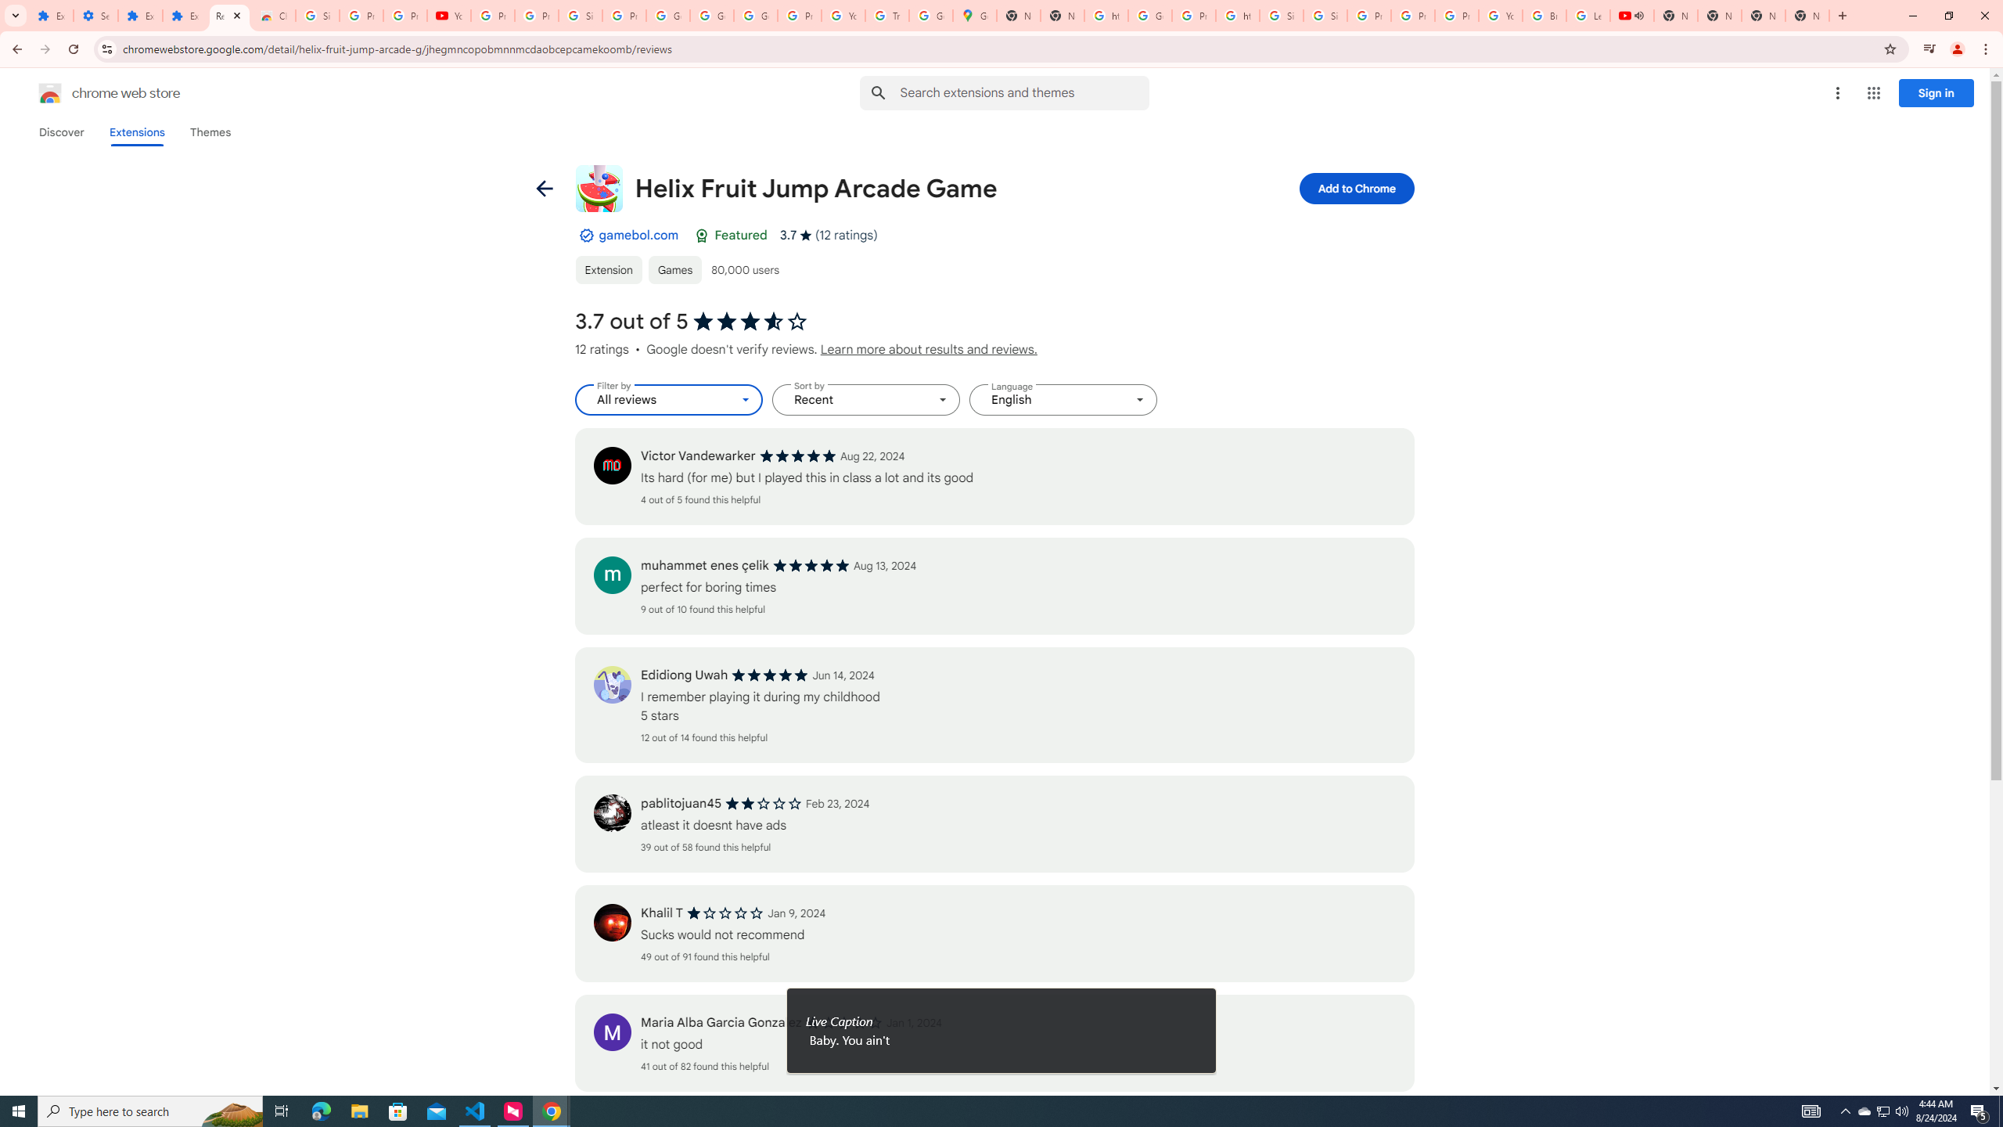  What do you see at coordinates (584, 234) in the screenshot?
I see `'By Established Publisher Badge'` at bounding box center [584, 234].